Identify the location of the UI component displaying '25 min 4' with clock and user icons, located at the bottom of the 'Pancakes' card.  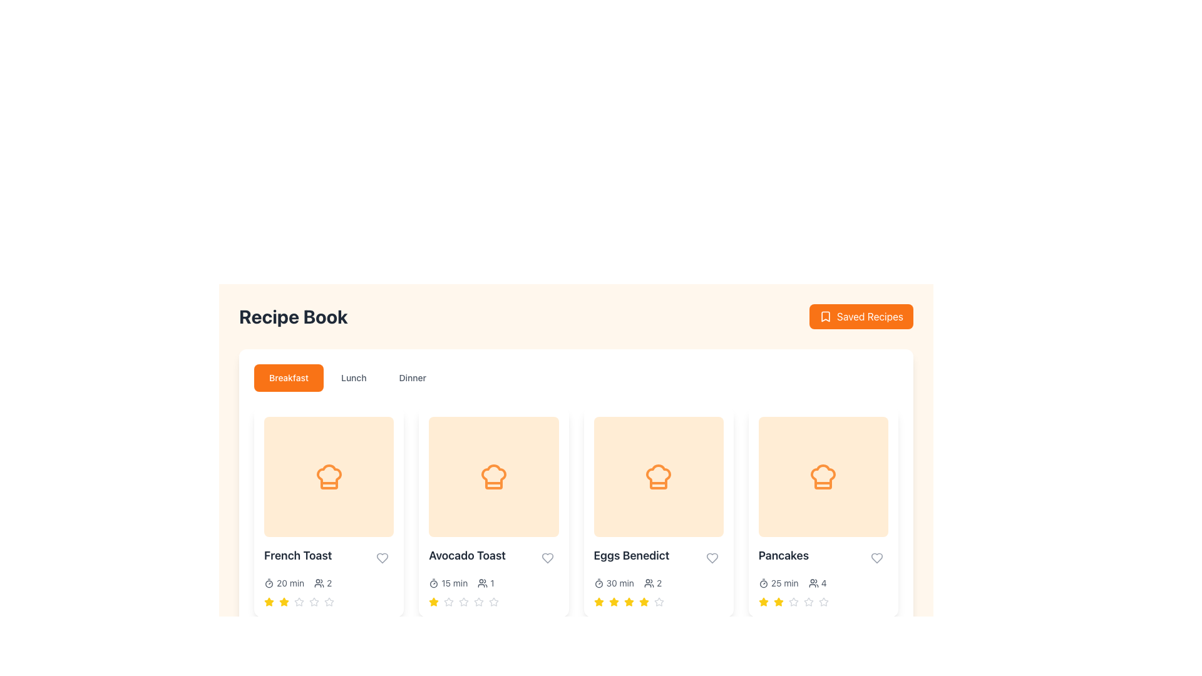
(823, 583).